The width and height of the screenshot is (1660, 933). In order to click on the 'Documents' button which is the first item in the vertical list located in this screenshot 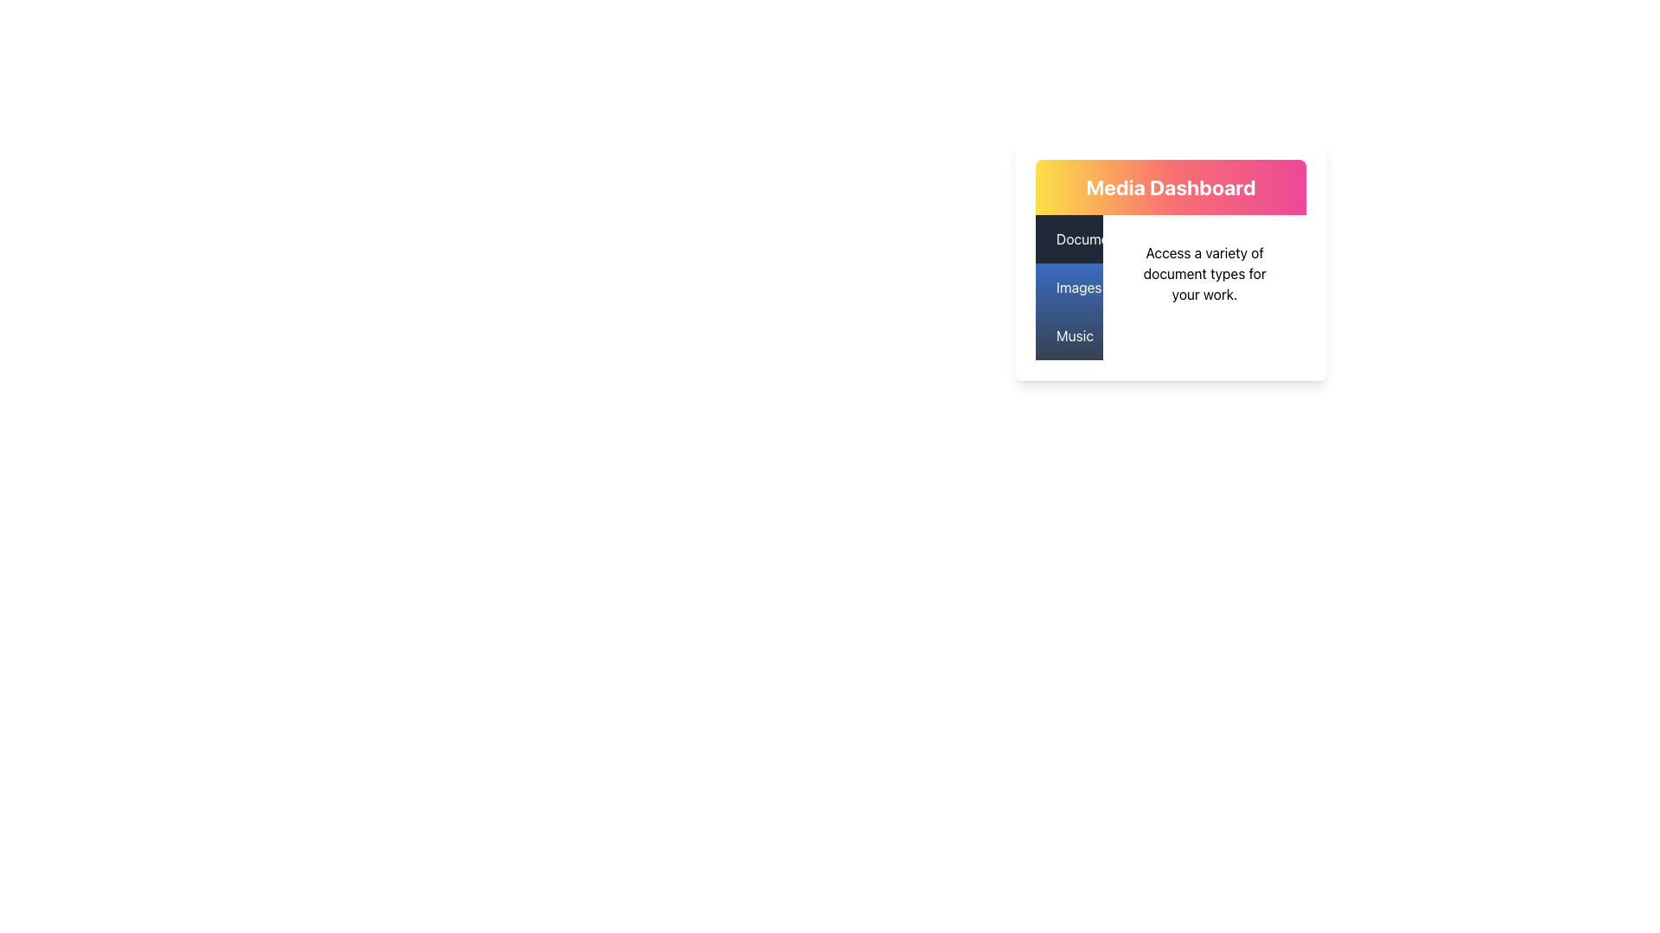, I will do `click(1069, 239)`.